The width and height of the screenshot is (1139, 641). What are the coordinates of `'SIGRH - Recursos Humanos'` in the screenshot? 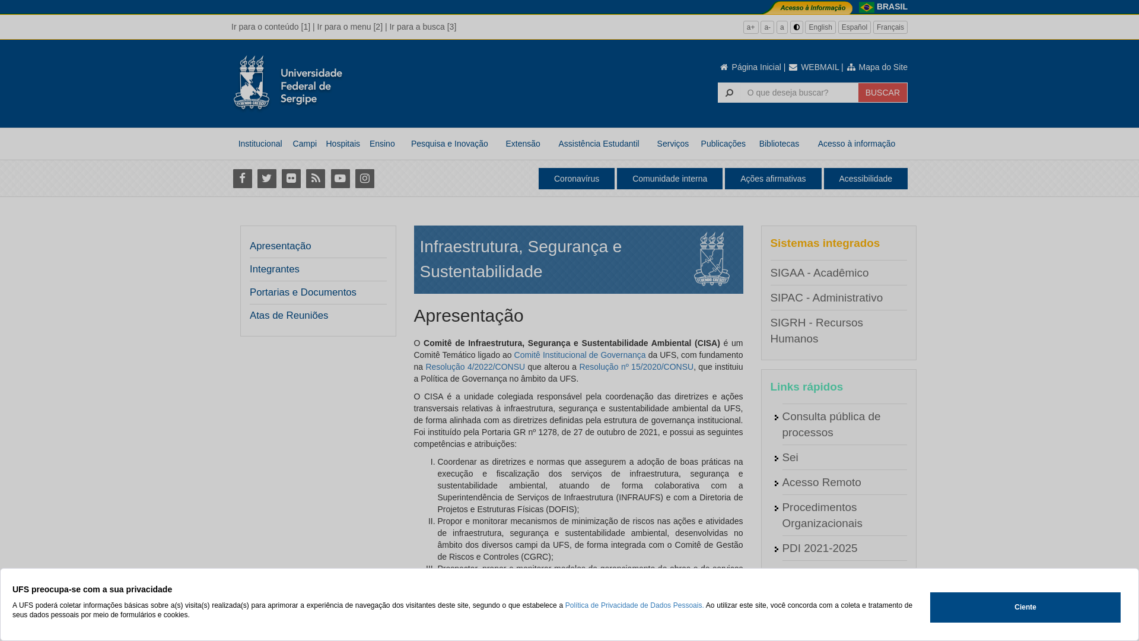 It's located at (816, 330).